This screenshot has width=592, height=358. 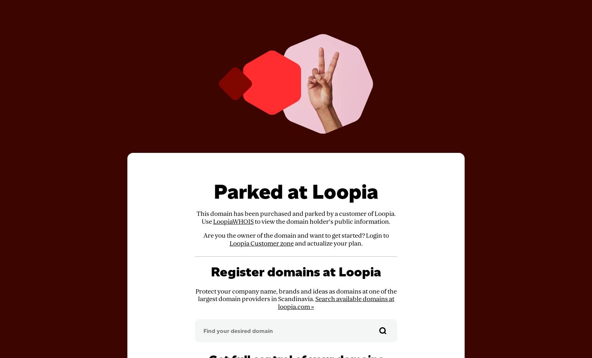 What do you see at coordinates (336, 303) in the screenshot?
I see `'Search available domains at loopia.com »'` at bounding box center [336, 303].